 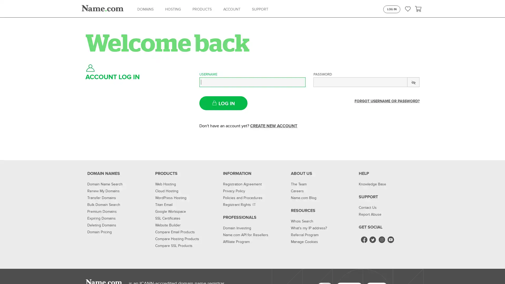 What do you see at coordinates (405, 270) in the screenshot?
I see `Accept All Cookies` at bounding box center [405, 270].